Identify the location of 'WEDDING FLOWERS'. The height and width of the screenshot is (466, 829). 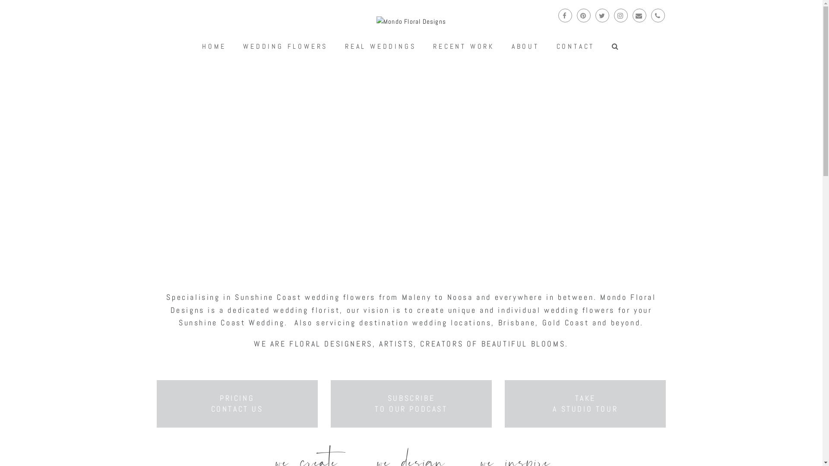
(285, 47).